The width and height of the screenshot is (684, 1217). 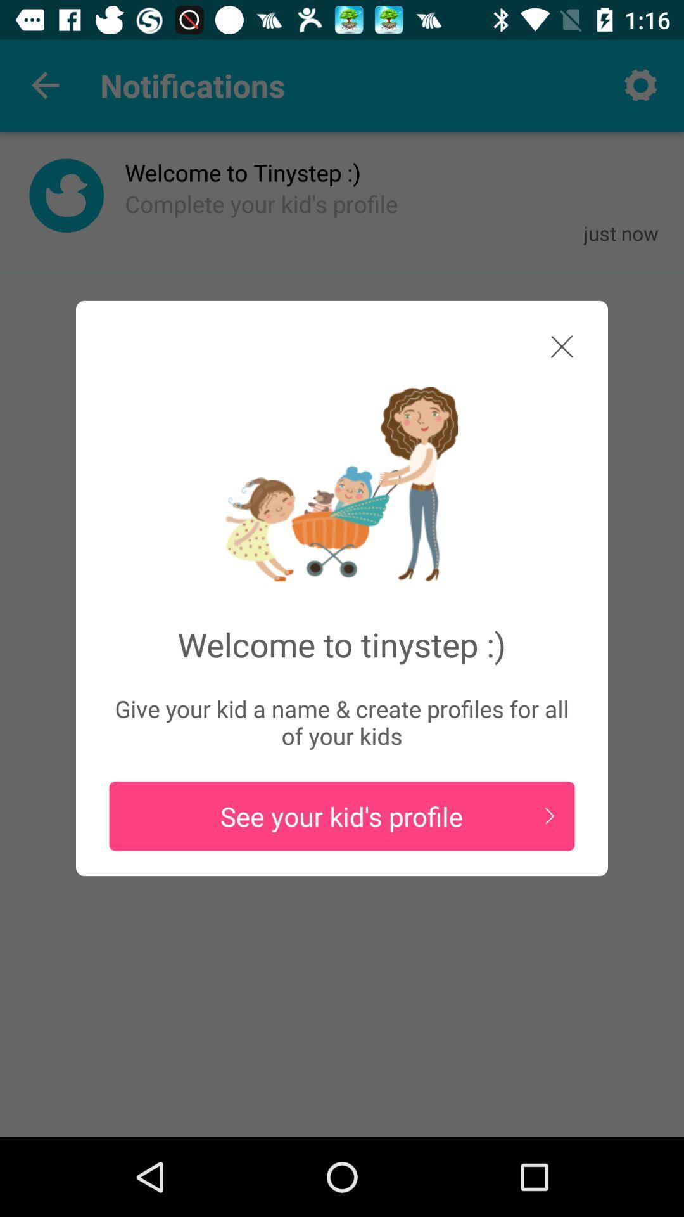 I want to click on window, so click(x=548, y=351).